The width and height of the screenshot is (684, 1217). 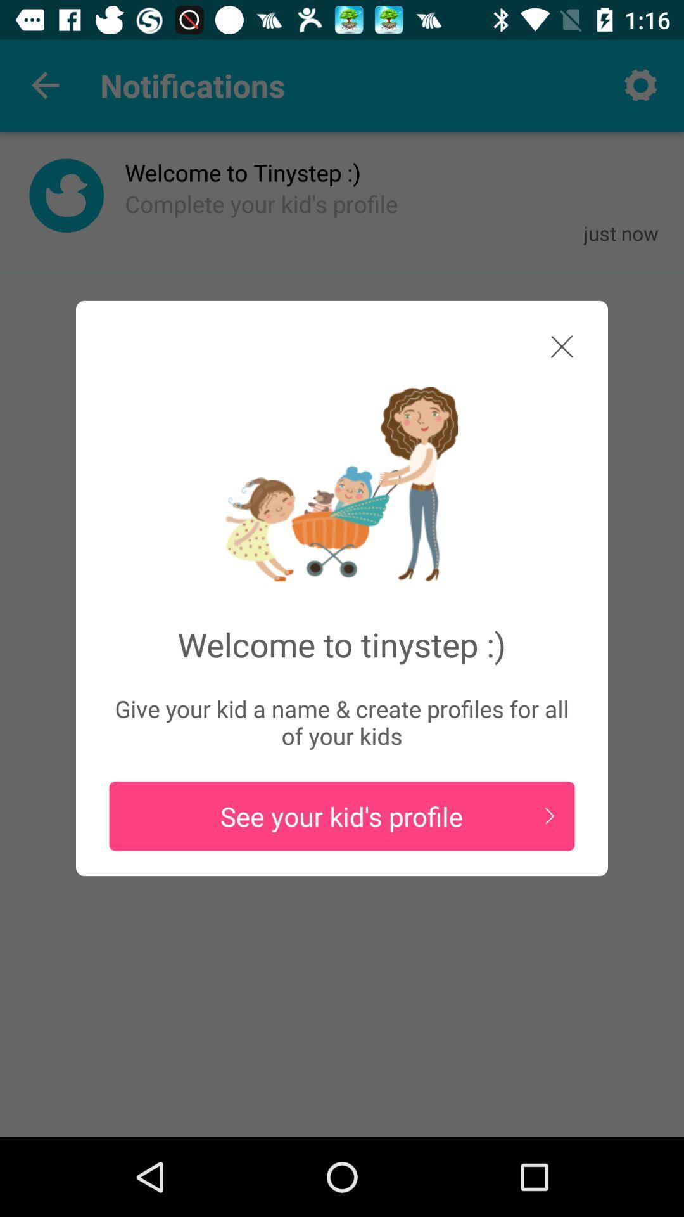 I want to click on window, so click(x=548, y=351).